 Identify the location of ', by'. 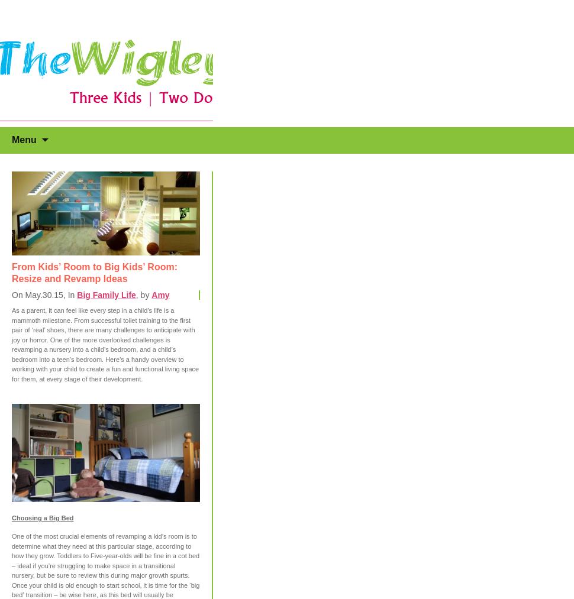
(136, 294).